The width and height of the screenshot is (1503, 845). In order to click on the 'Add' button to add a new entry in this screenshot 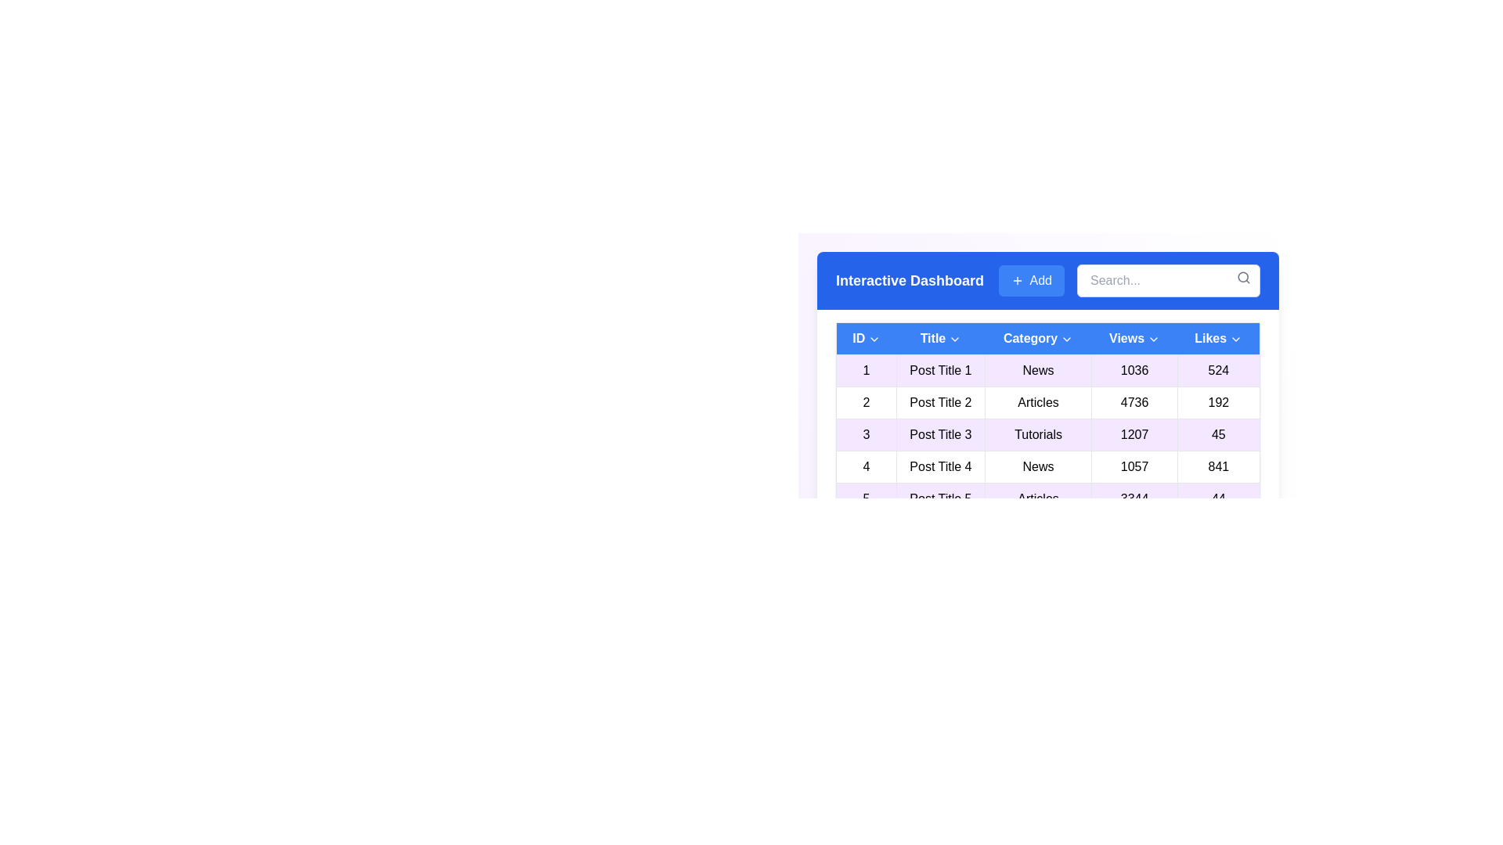, I will do `click(1031, 279)`.